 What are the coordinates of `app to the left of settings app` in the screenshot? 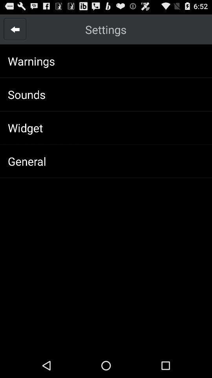 It's located at (15, 29).